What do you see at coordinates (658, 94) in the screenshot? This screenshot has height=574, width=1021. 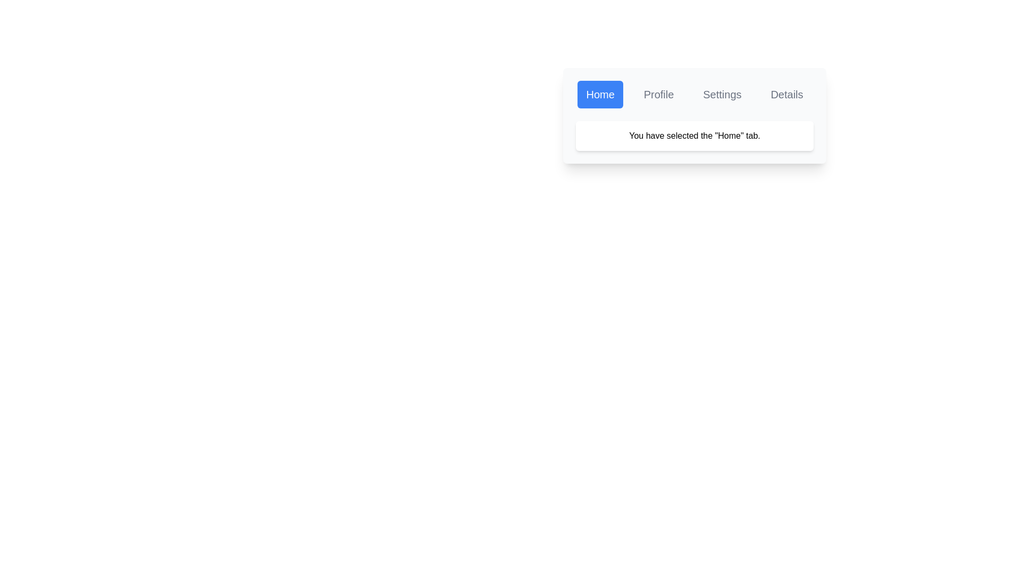 I see `the Profile tab` at bounding box center [658, 94].